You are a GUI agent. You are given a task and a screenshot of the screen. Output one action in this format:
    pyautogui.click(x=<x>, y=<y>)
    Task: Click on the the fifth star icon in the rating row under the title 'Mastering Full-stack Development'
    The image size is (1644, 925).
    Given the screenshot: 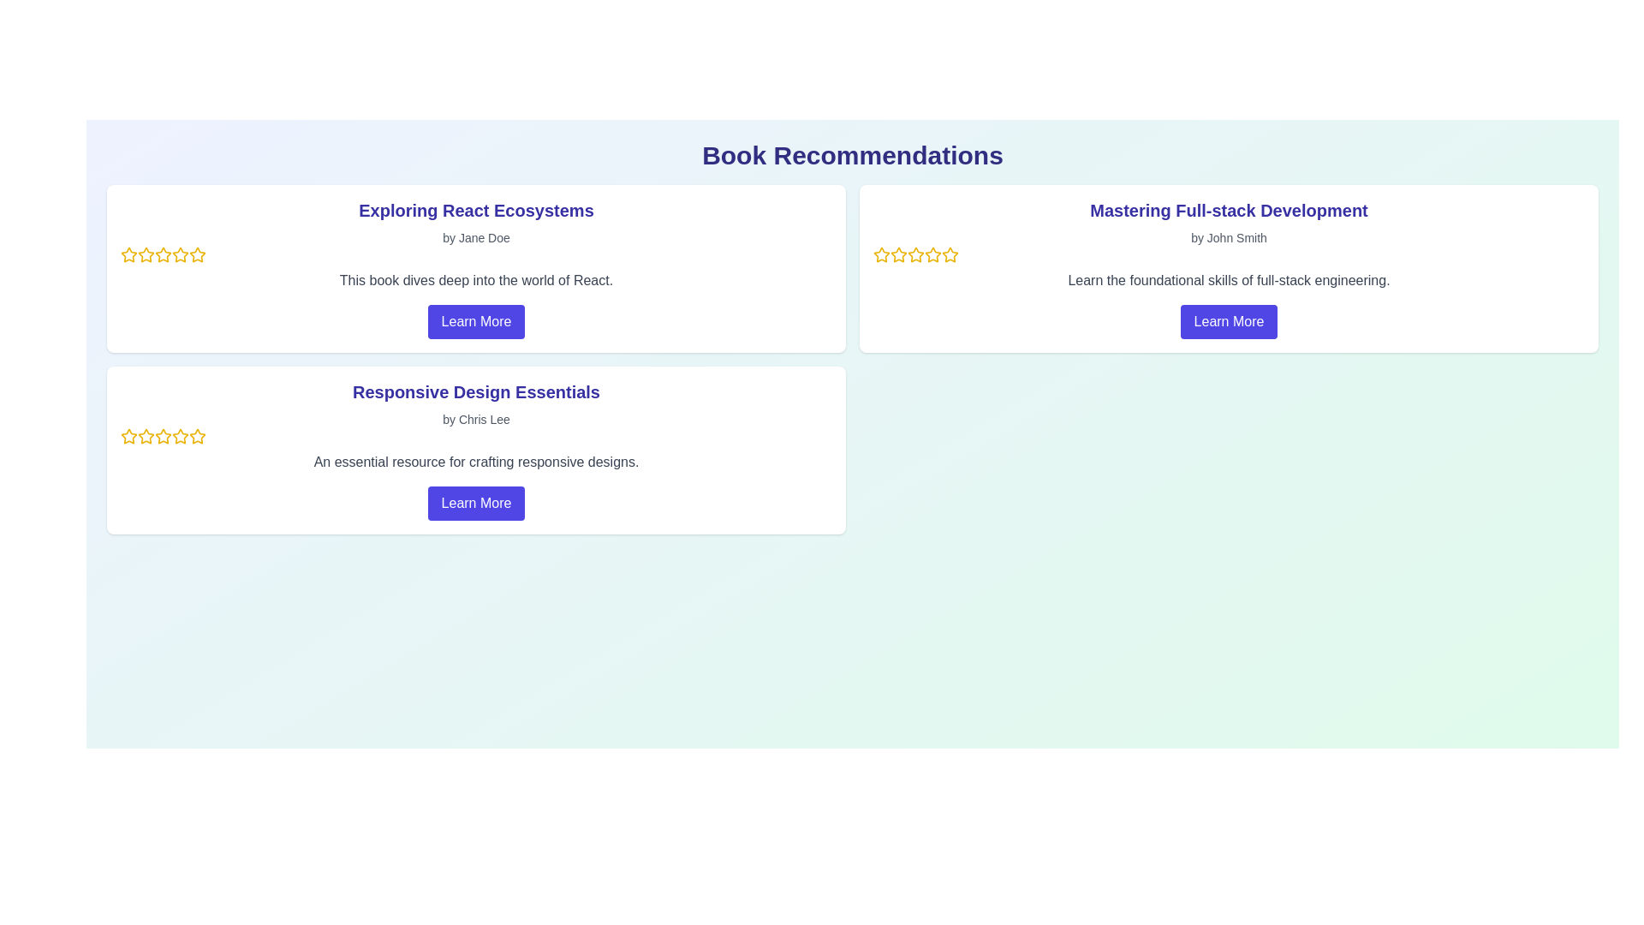 What is the action you would take?
    pyautogui.click(x=949, y=254)
    